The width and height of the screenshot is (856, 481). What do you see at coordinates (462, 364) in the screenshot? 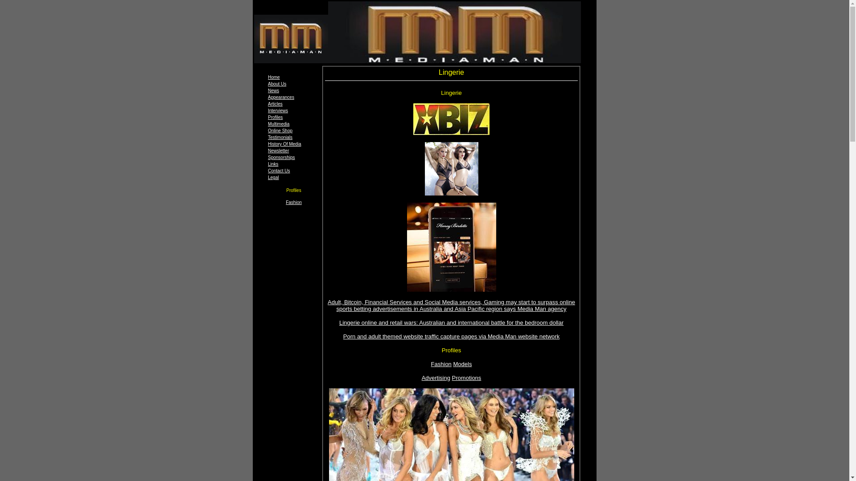
I see `'Models'` at bounding box center [462, 364].